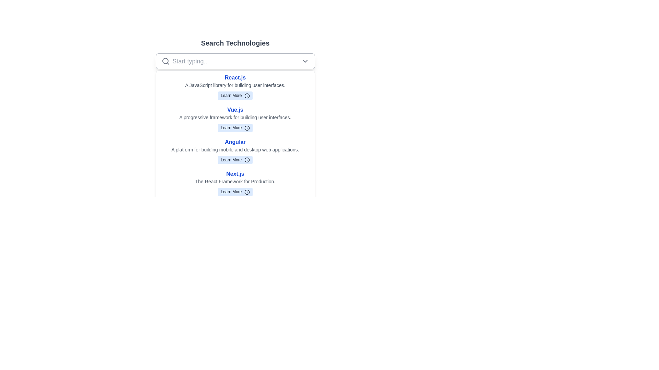 The height and width of the screenshot is (370, 659). Describe the element at coordinates (247, 96) in the screenshot. I see `the SVG Circle element that represents the outer circle of an icon located to the right of the 'Learn More' text for Vue.js in the 'Search Technologies' section` at that location.